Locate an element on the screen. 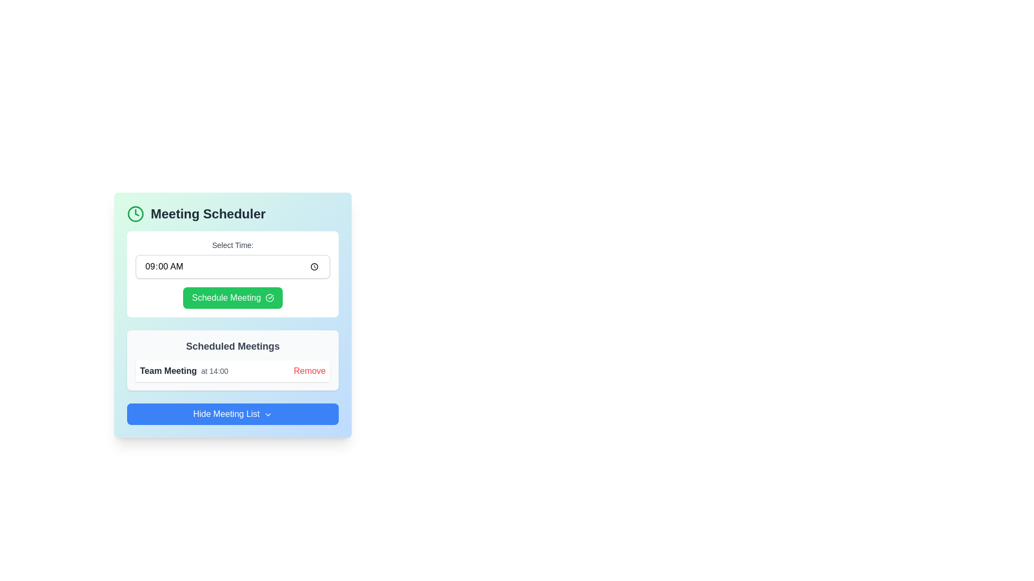  the 'Schedule Meeting' button, which is a vibrant green rectangular button with rounded corners and white text, located beneath the 'Select Time' section is located at coordinates (232, 298).